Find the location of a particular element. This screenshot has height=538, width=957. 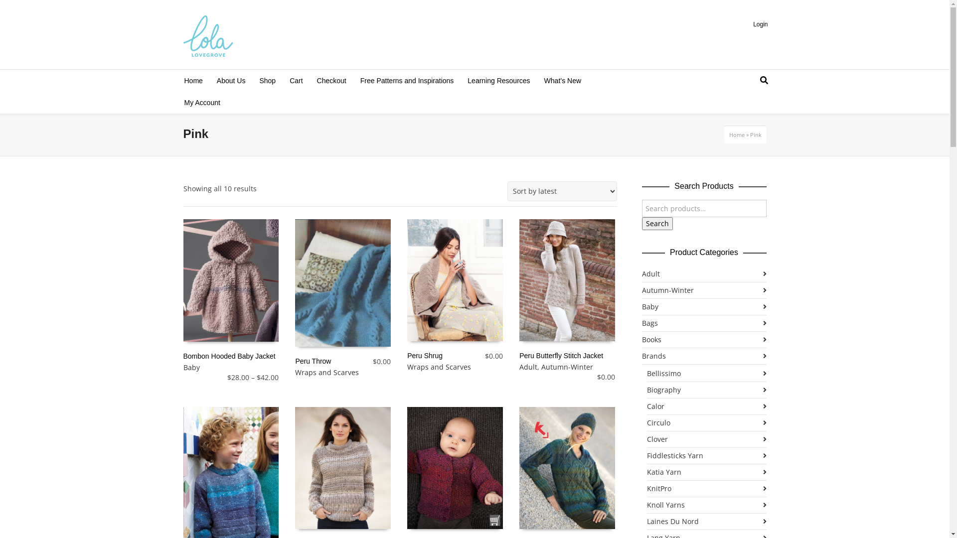

'Home' is located at coordinates (193, 80).